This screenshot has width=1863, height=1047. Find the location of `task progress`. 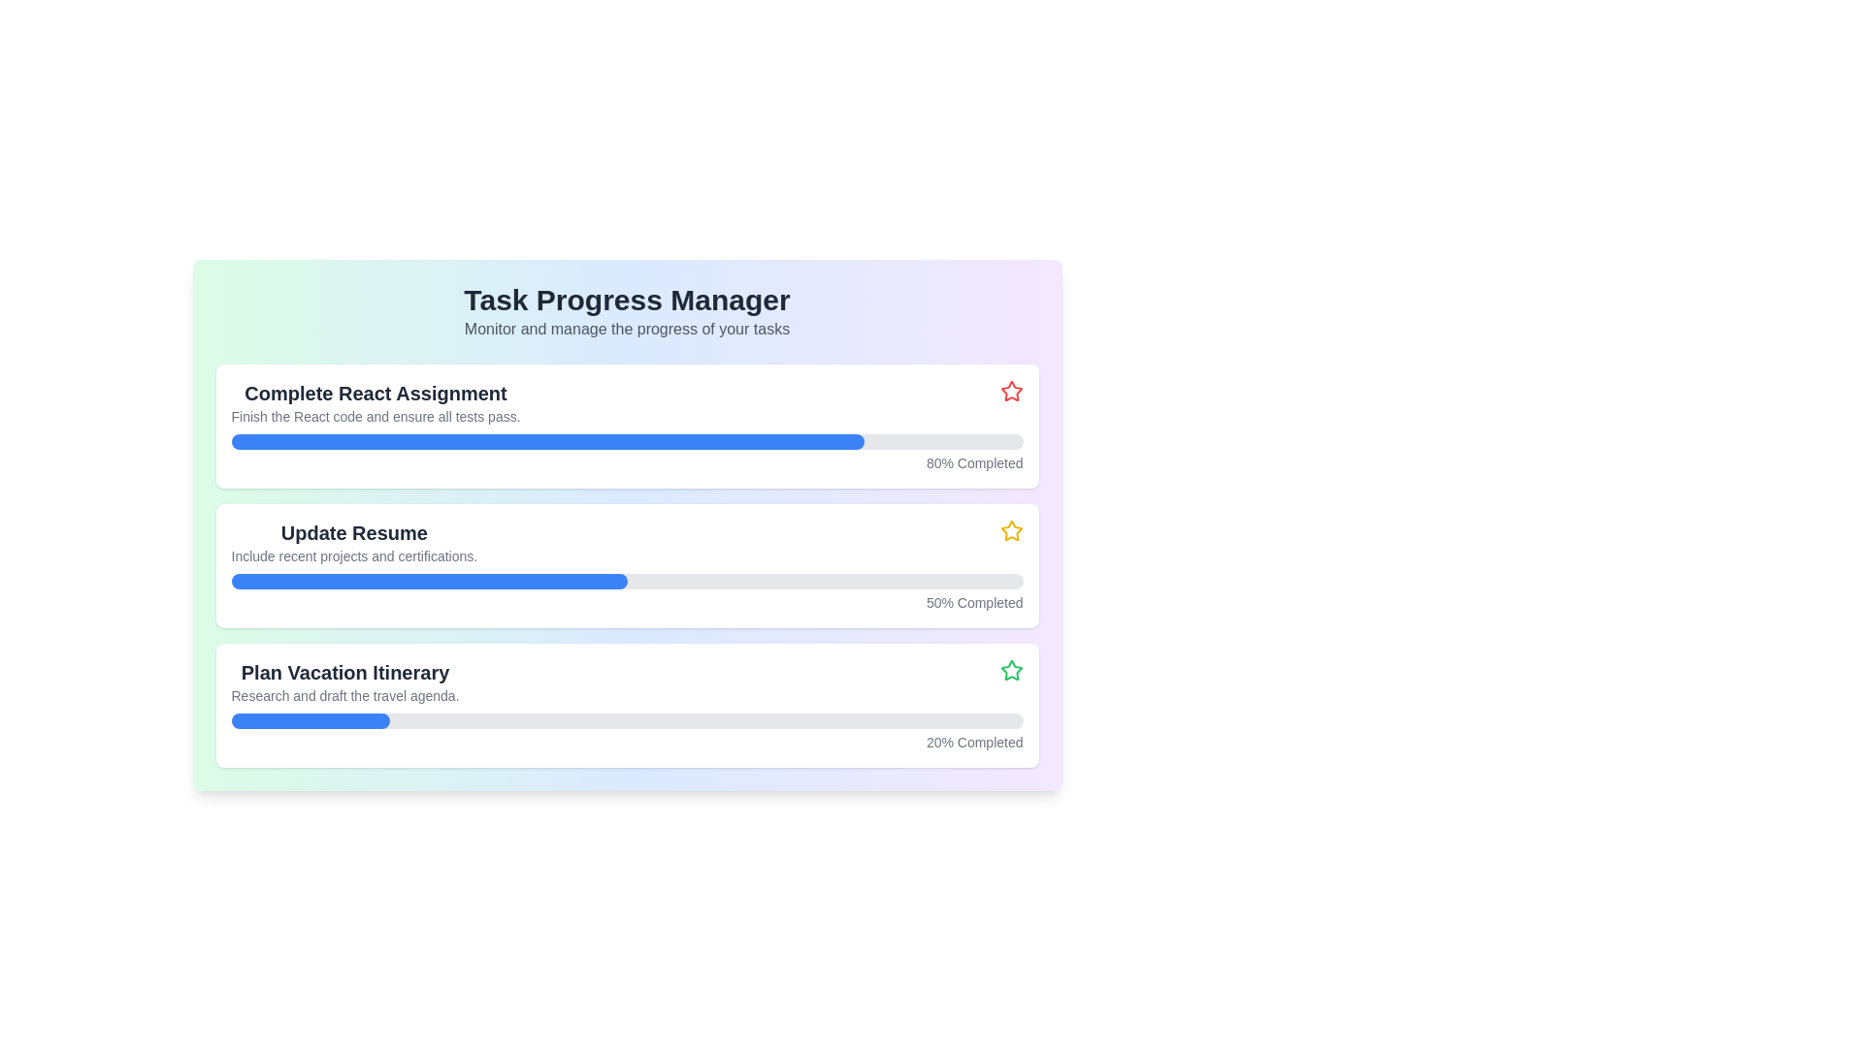

task progress is located at coordinates (960, 721).